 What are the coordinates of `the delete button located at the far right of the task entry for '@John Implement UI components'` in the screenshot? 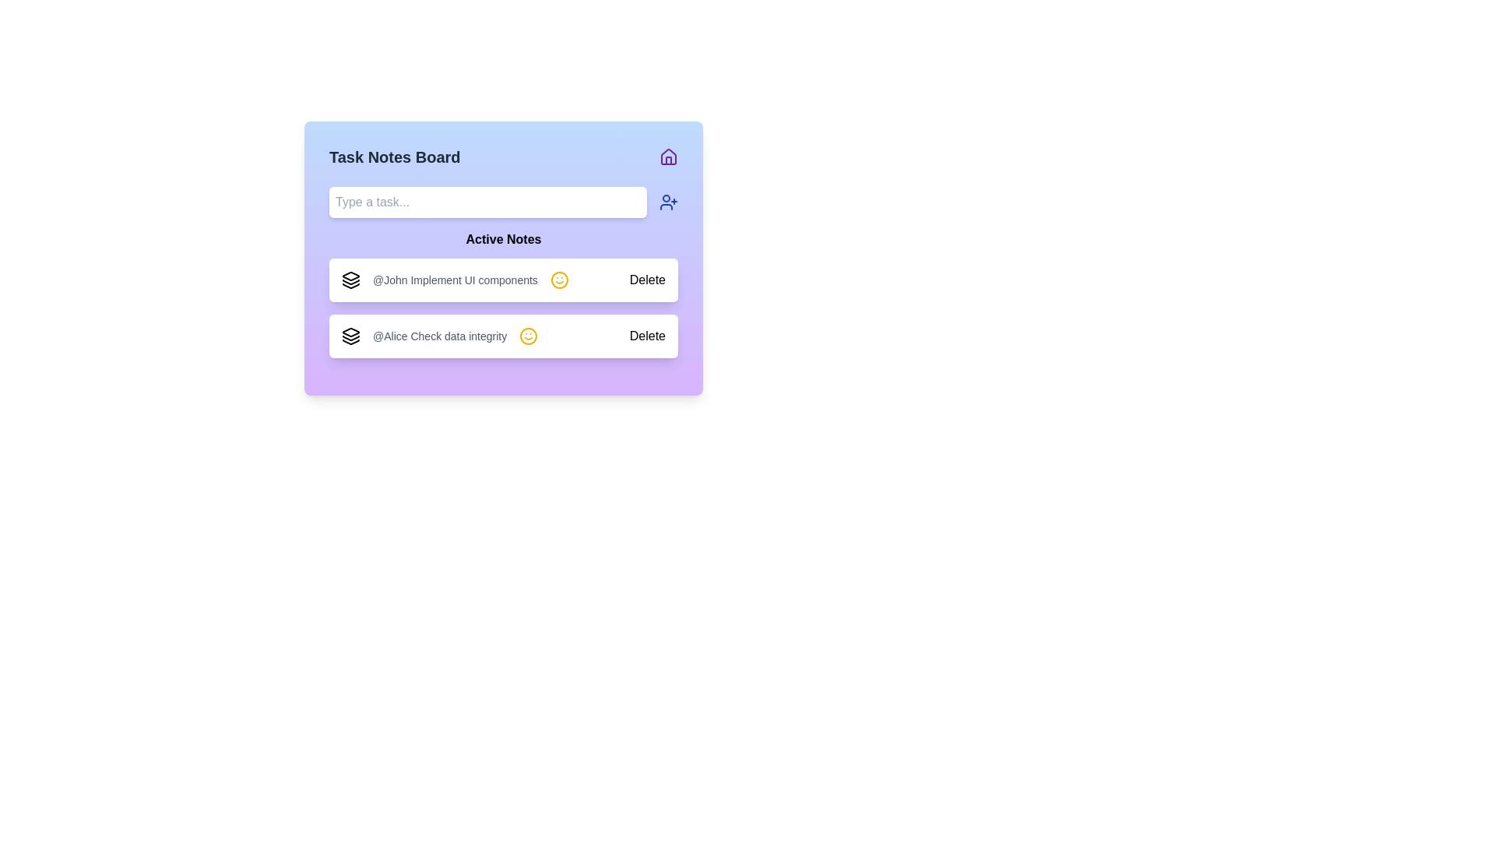 It's located at (647, 279).